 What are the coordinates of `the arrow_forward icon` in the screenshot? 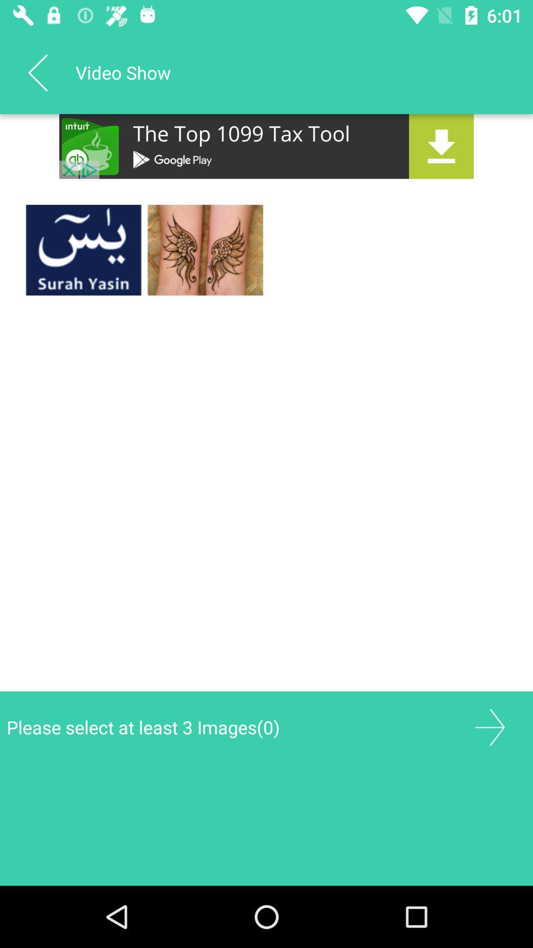 It's located at (490, 727).